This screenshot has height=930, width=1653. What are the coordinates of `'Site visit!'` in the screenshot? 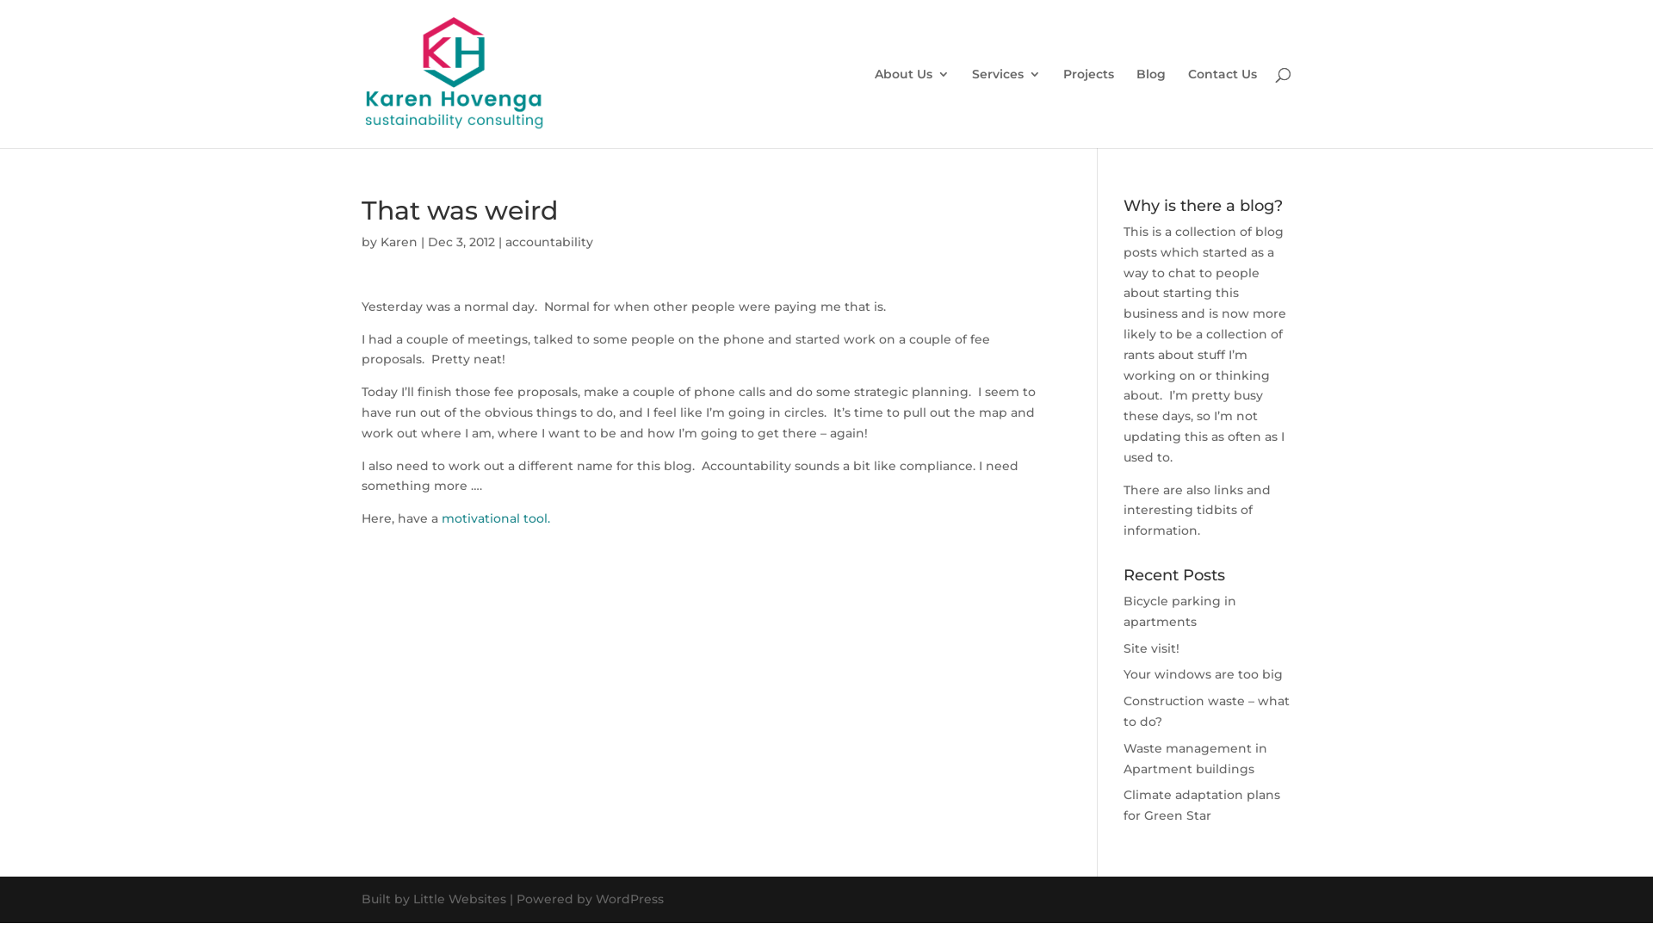 It's located at (1151, 648).